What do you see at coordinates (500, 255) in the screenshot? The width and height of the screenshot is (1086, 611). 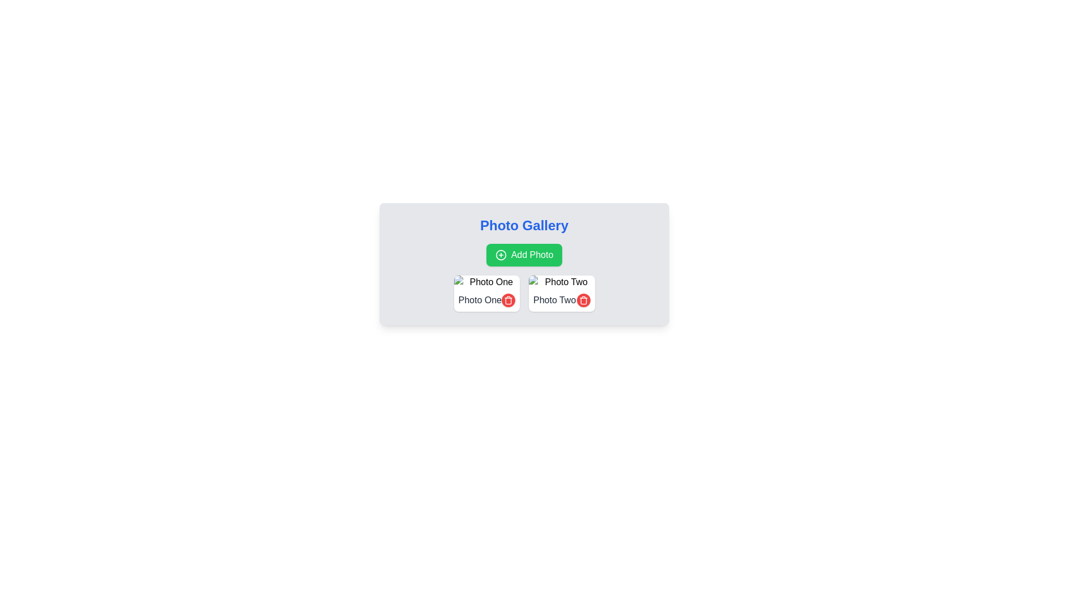 I see `the green circle at the center of the 'Add Photo' button, which is part of the Photo Gallery module` at bounding box center [500, 255].